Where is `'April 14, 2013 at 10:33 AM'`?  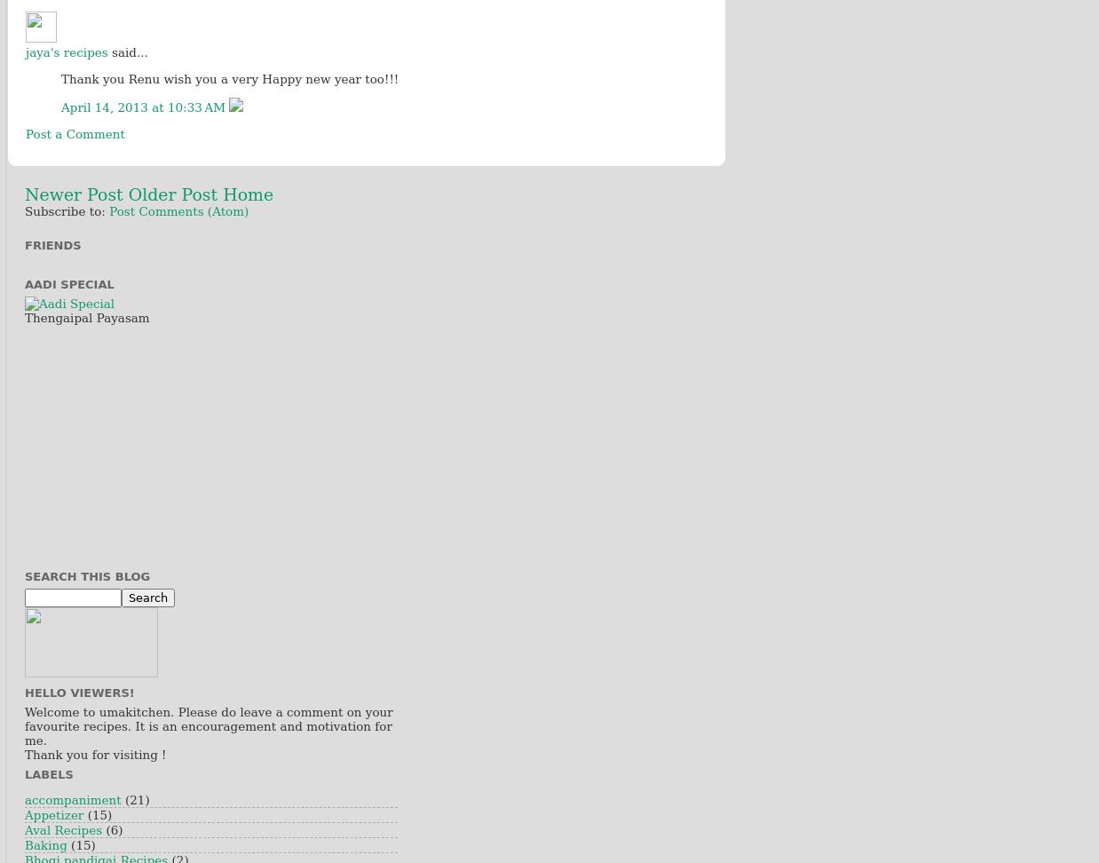 'April 14, 2013 at 10:33 AM' is located at coordinates (145, 107).